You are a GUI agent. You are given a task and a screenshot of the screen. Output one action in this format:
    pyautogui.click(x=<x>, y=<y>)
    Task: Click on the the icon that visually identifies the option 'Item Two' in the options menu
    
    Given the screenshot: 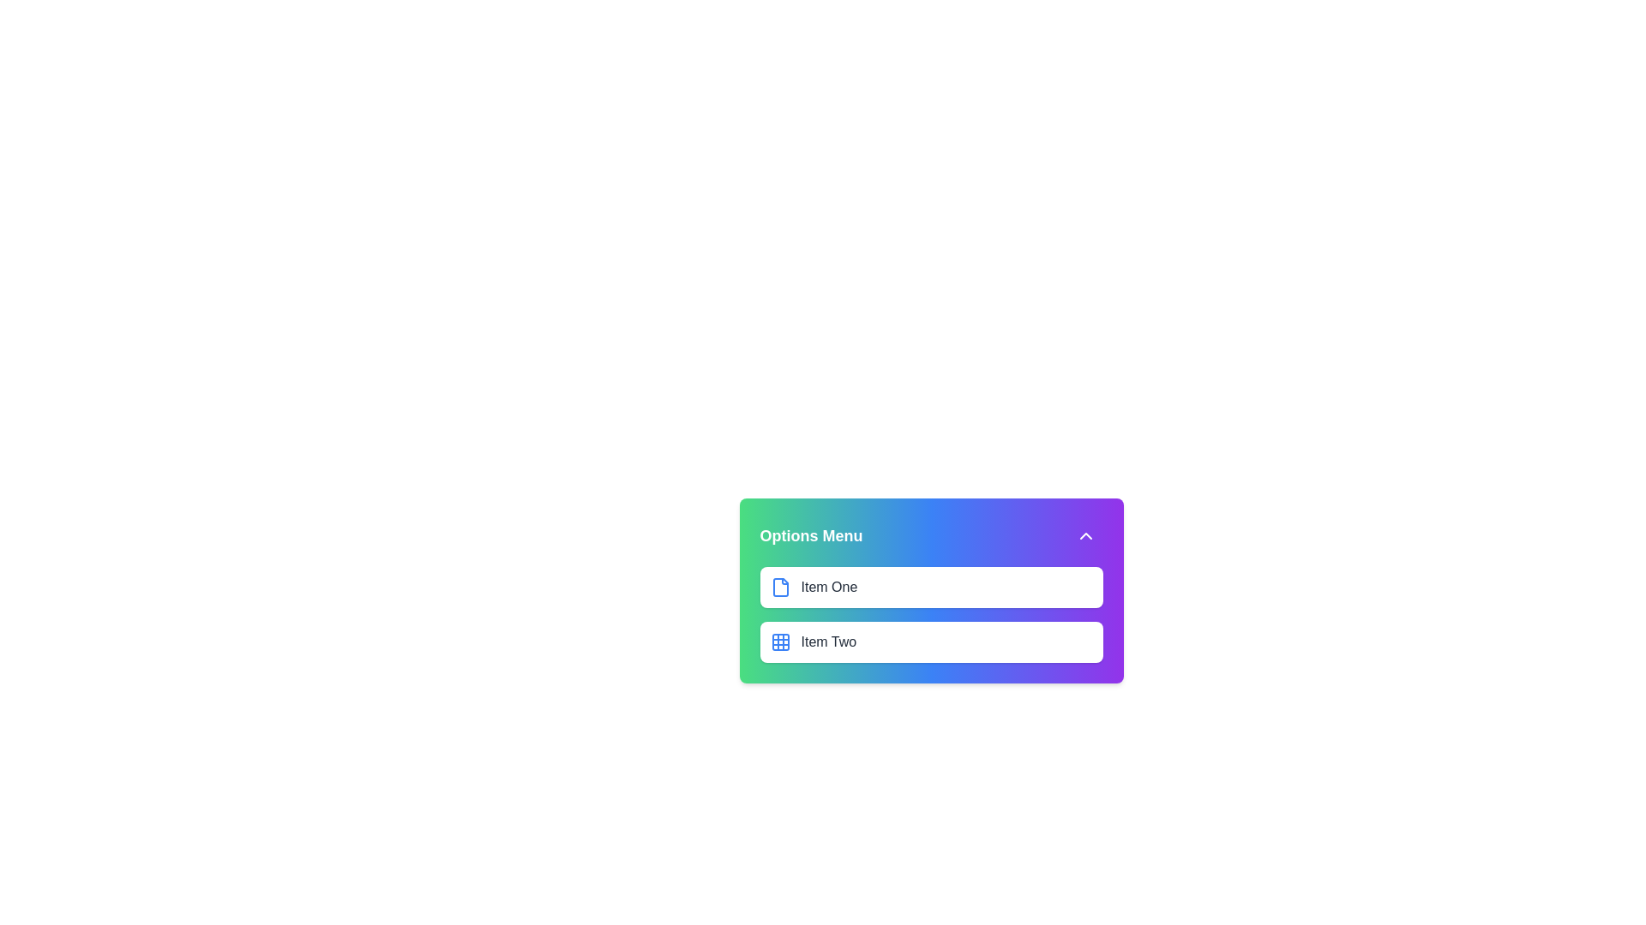 What is the action you would take?
    pyautogui.click(x=779, y=642)
    